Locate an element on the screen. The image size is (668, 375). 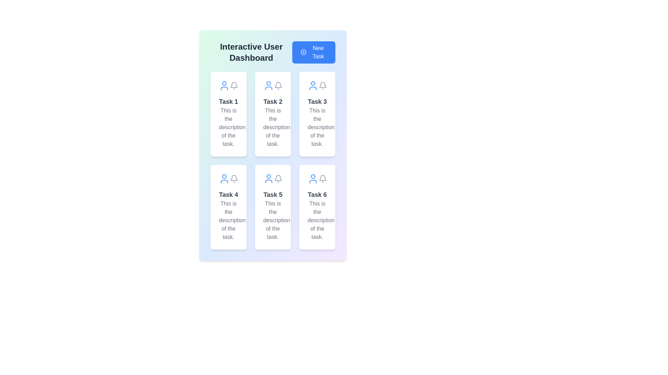
the lower body of a person represented in the avatar icon within the task management interface, specifically located at the top of the second column in the grid layout is located at coordinates (268, 88).